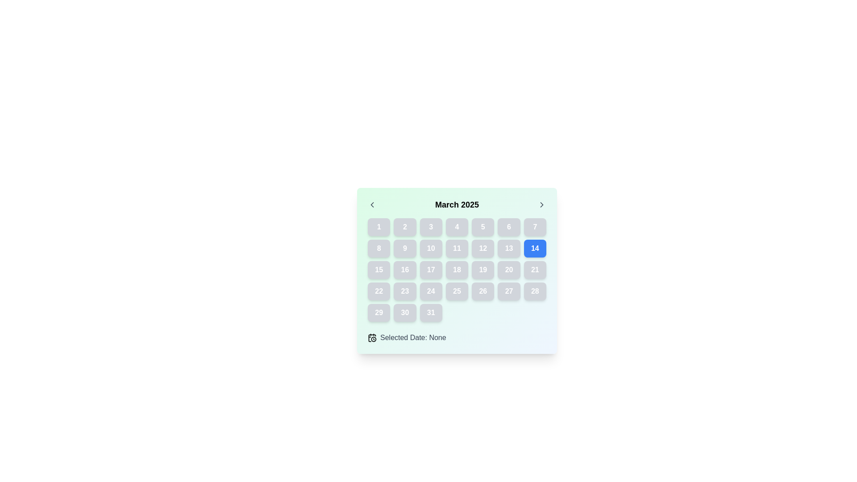 This screenshot has height=482, width=857. Describe the element at coordinates (379, 291) in the screenshot. I see `the button labeled '22' which is a rounded rectangle shape with a gray background and white text in the fourth row and first column of the calendar grid` at that location.